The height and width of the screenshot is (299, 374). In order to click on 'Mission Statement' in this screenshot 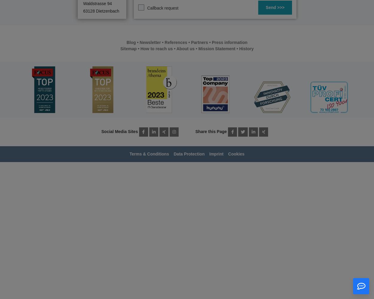, I will do `click(216, 49)`.